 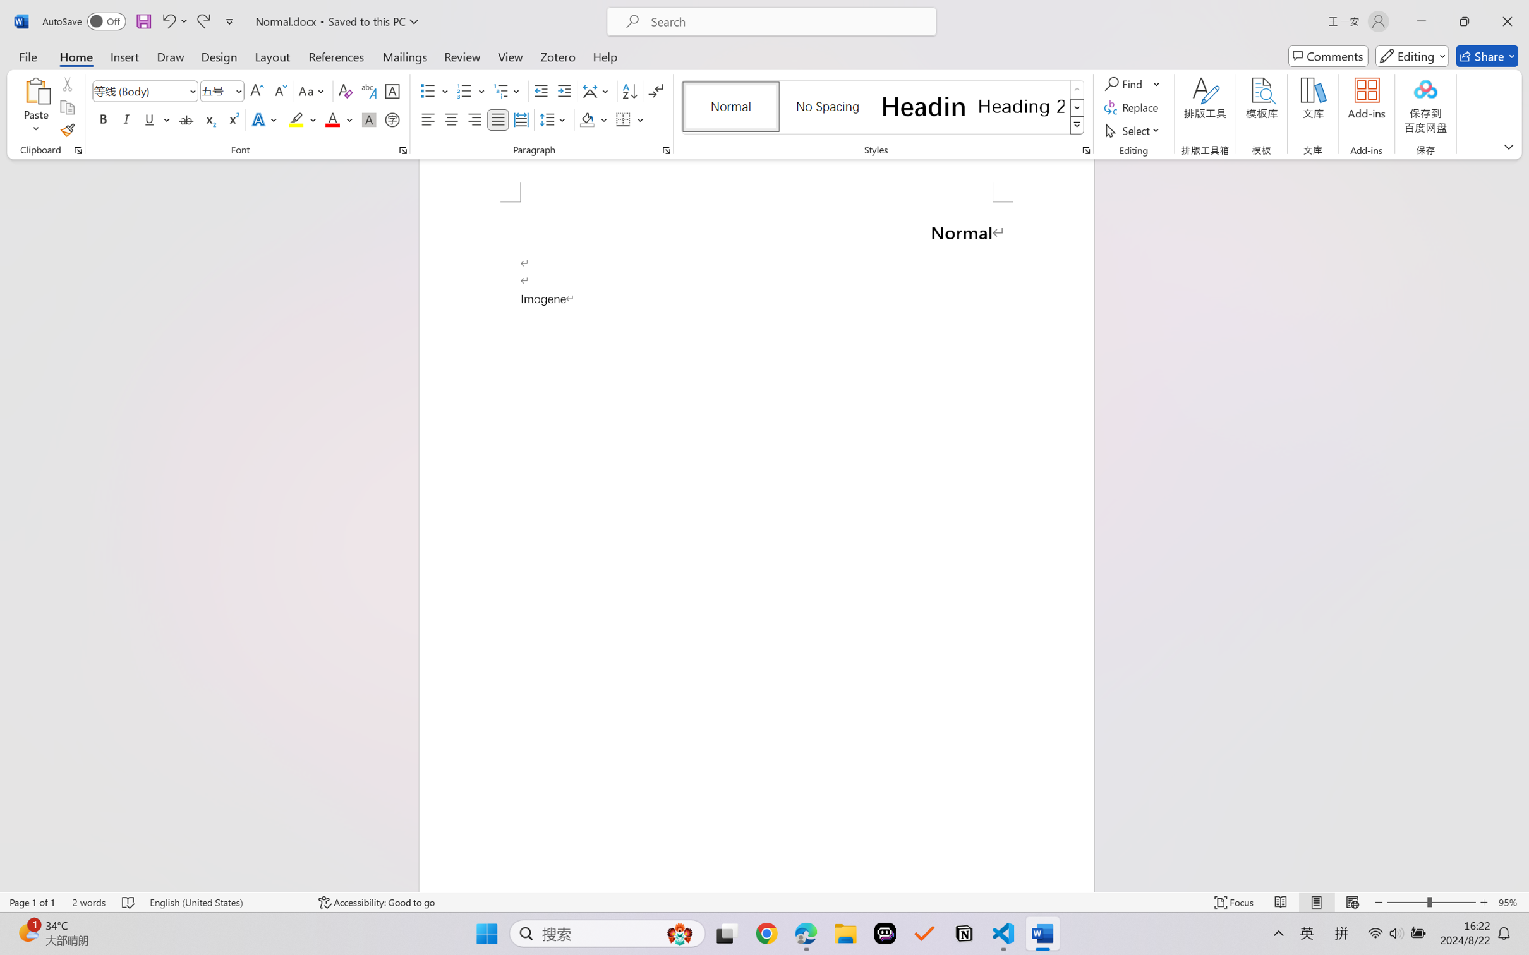 I want to click on 'Change Case', so click(x=311, y=91).